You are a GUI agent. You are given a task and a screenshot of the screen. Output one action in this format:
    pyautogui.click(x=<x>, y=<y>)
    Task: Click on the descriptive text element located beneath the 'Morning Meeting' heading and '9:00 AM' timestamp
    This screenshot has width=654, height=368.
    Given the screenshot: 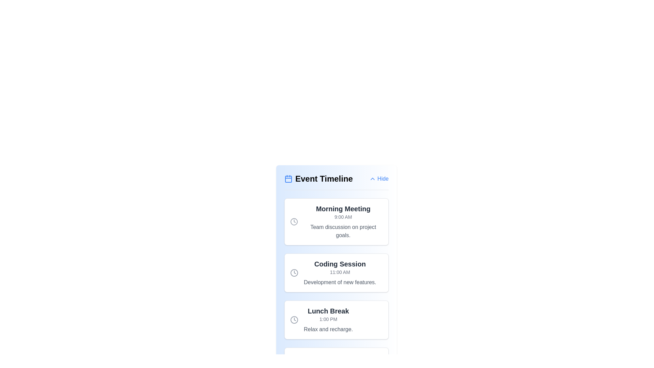 What is the action you would take?
    pyautogui.click(x=343, y=231)
    